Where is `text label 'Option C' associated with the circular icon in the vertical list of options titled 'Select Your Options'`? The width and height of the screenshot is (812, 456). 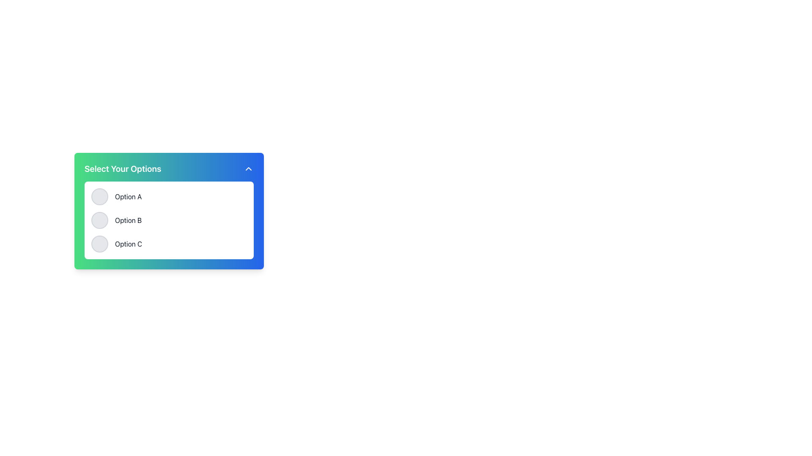 text label 'Option C' associated with the circular icon in the vertical list of options titled 'Select Your Options' is located at coordinates (128, 244).